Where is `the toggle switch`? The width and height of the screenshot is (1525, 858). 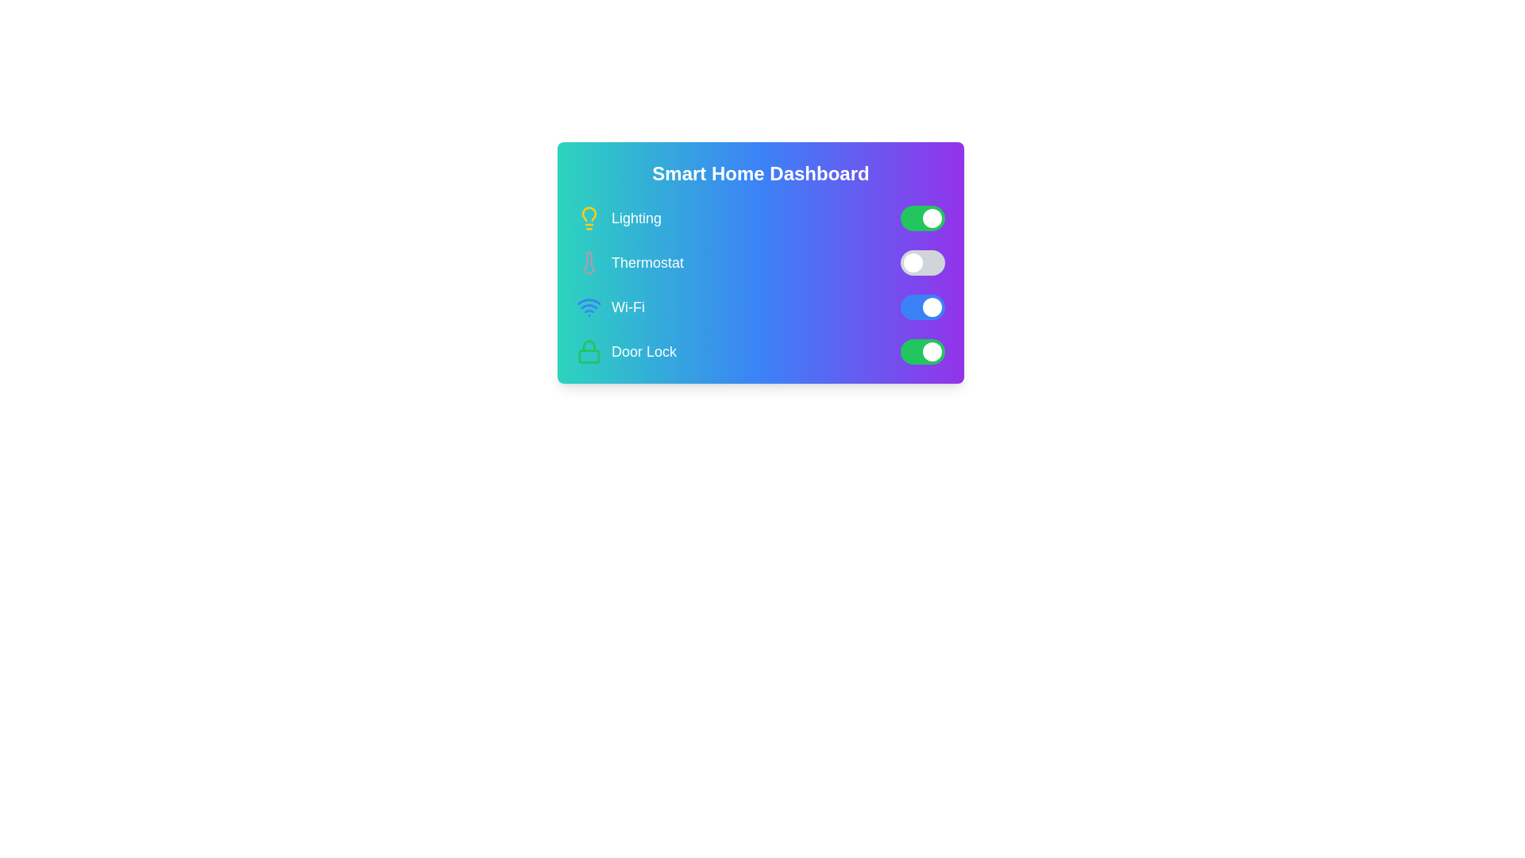
the toggle switch is located at coordinates (922, 218).